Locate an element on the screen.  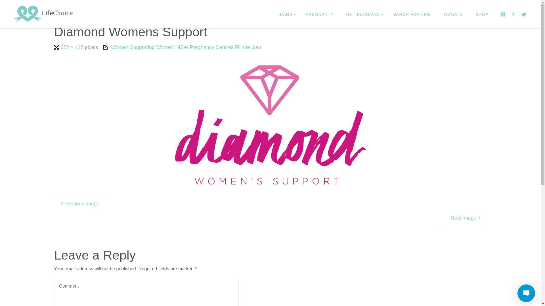
'MARCH FOR LIFE' is located at coordinates (412, 14).